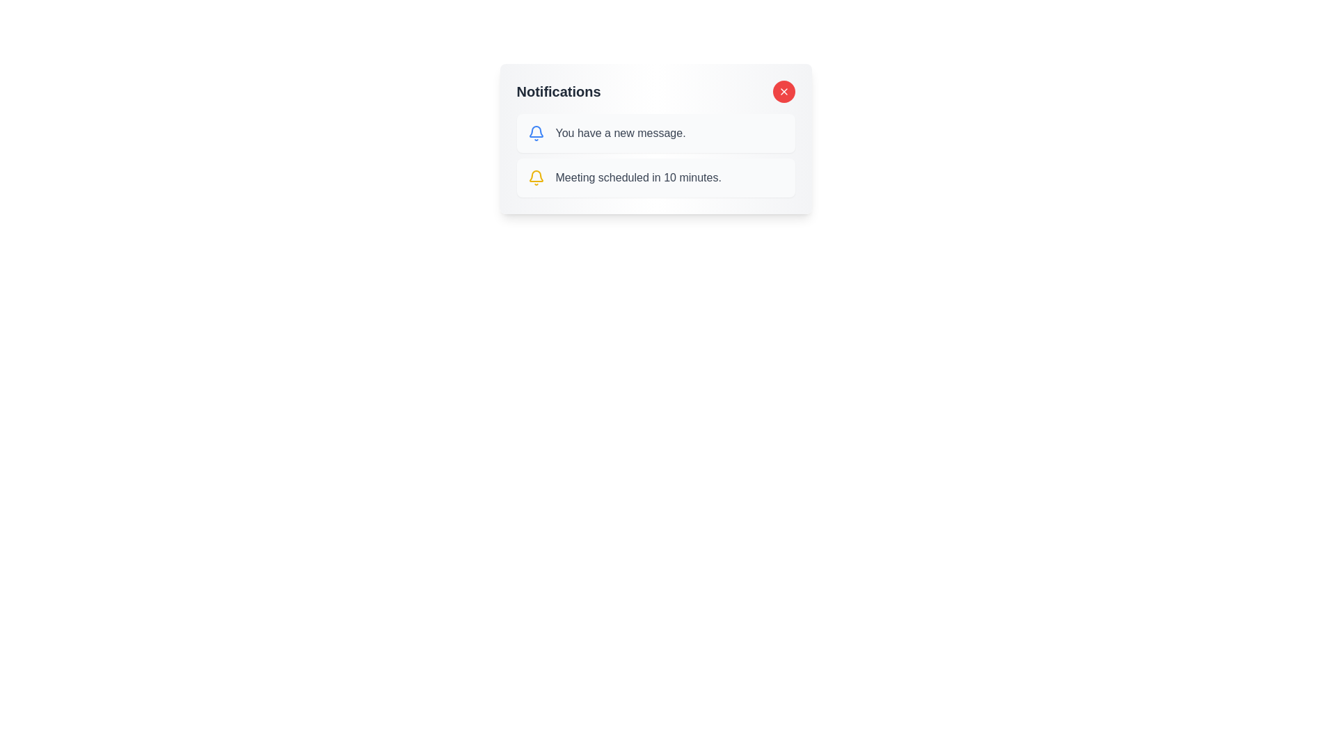 The height and width of the screenshot is (751, 1336). I want to click on the red circular button with a white cross icon located at the top-right corner of the notification card, so click(784, 91).